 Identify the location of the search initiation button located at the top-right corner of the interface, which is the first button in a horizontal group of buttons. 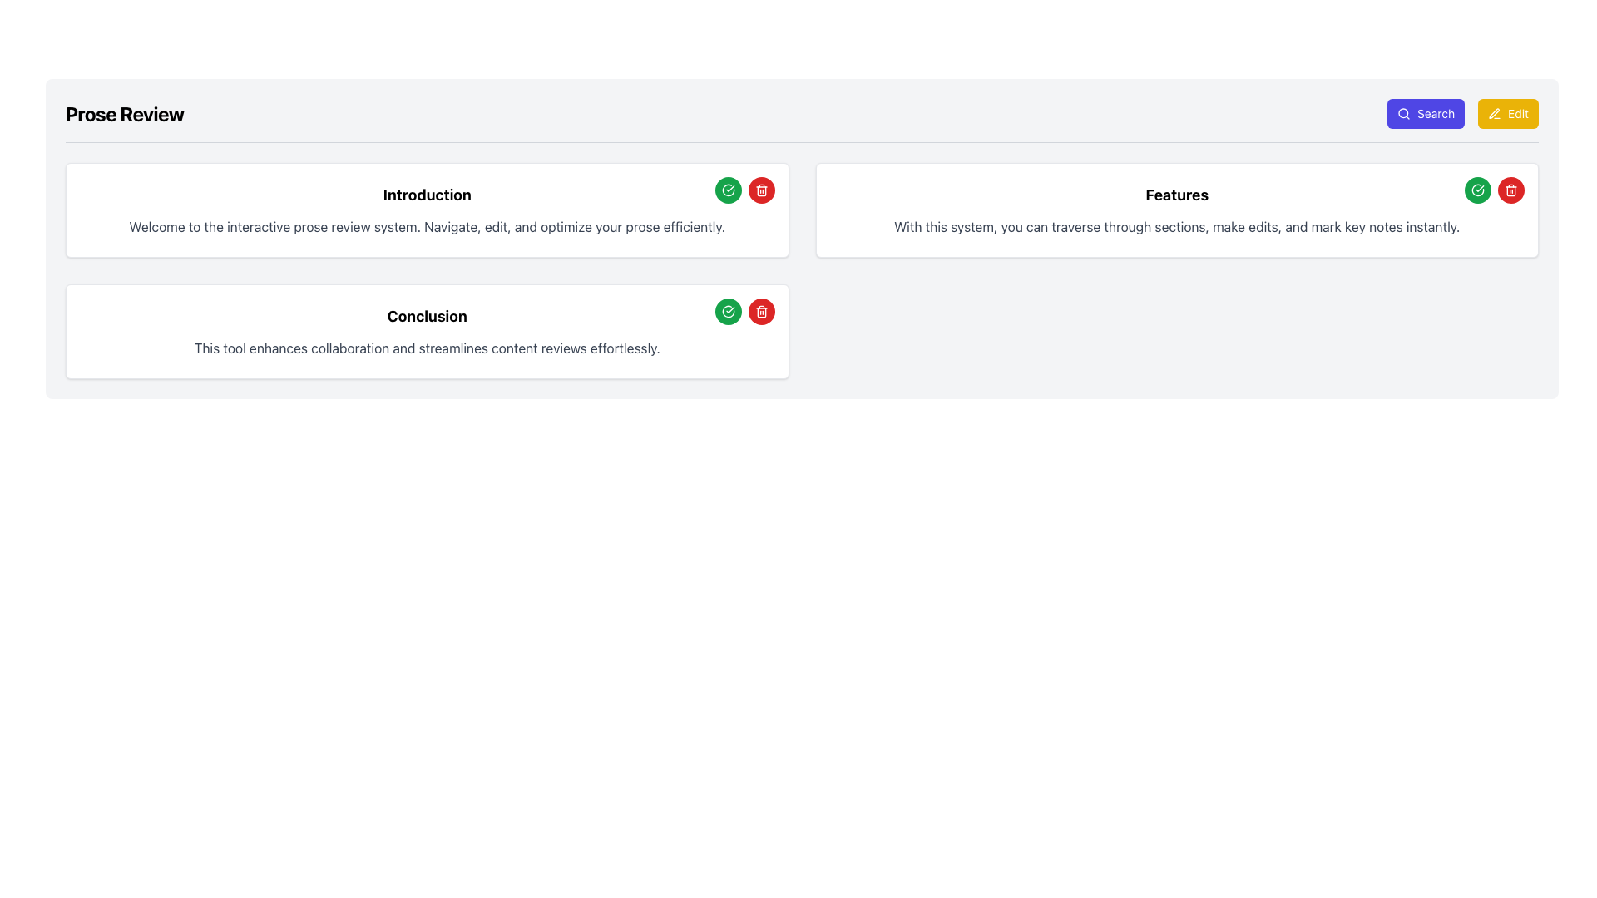
(1425, 113).